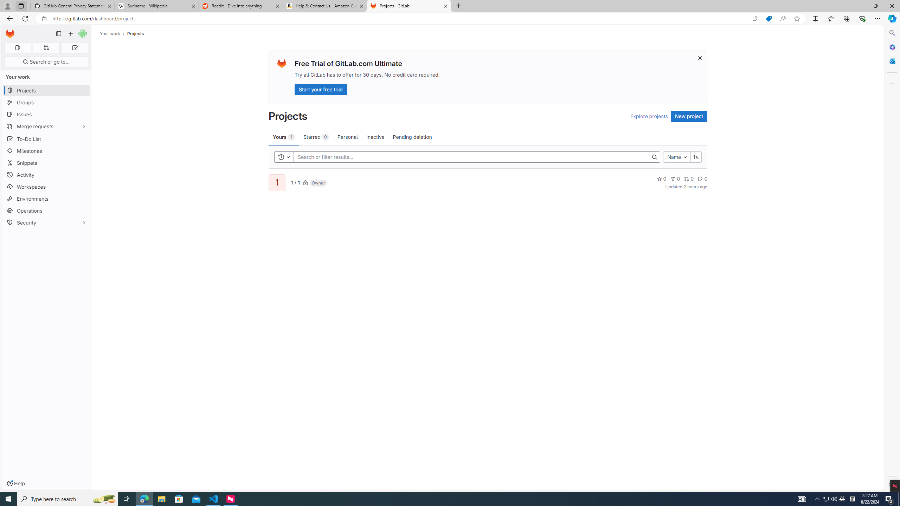 The width and height of the screenshot is (900, 506). I want to click on 'Start your free trial', so click(321, 89).